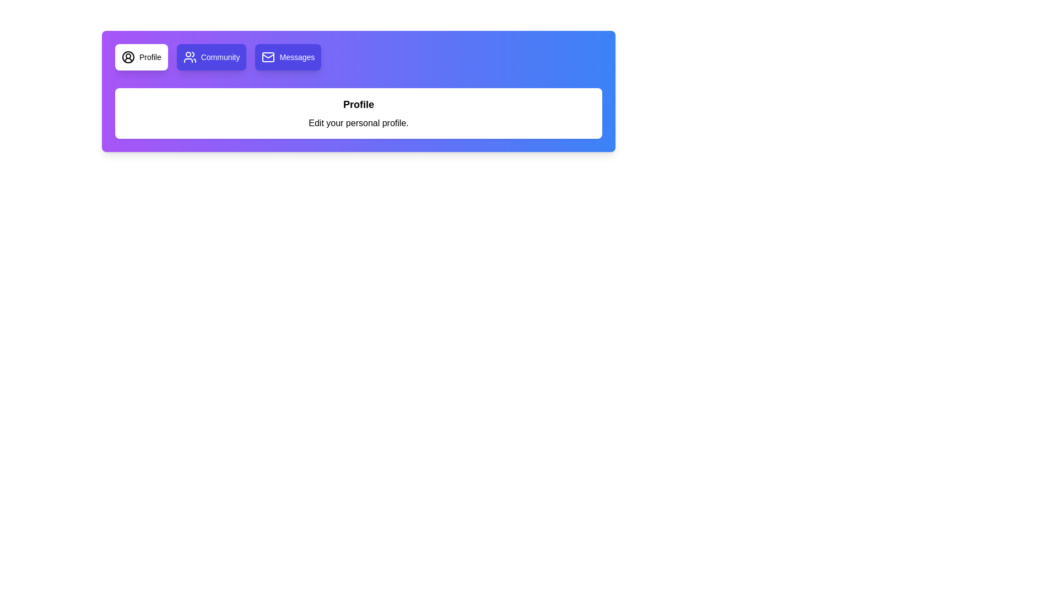  What do you see at coordinates (288, 57) in the screenshot?
I see `the Messages tab to preview its visual effects` at bounding box center [288, 57].